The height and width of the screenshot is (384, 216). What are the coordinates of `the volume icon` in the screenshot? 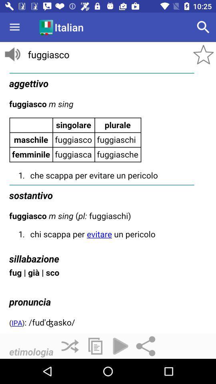 It's located at (12, 54).